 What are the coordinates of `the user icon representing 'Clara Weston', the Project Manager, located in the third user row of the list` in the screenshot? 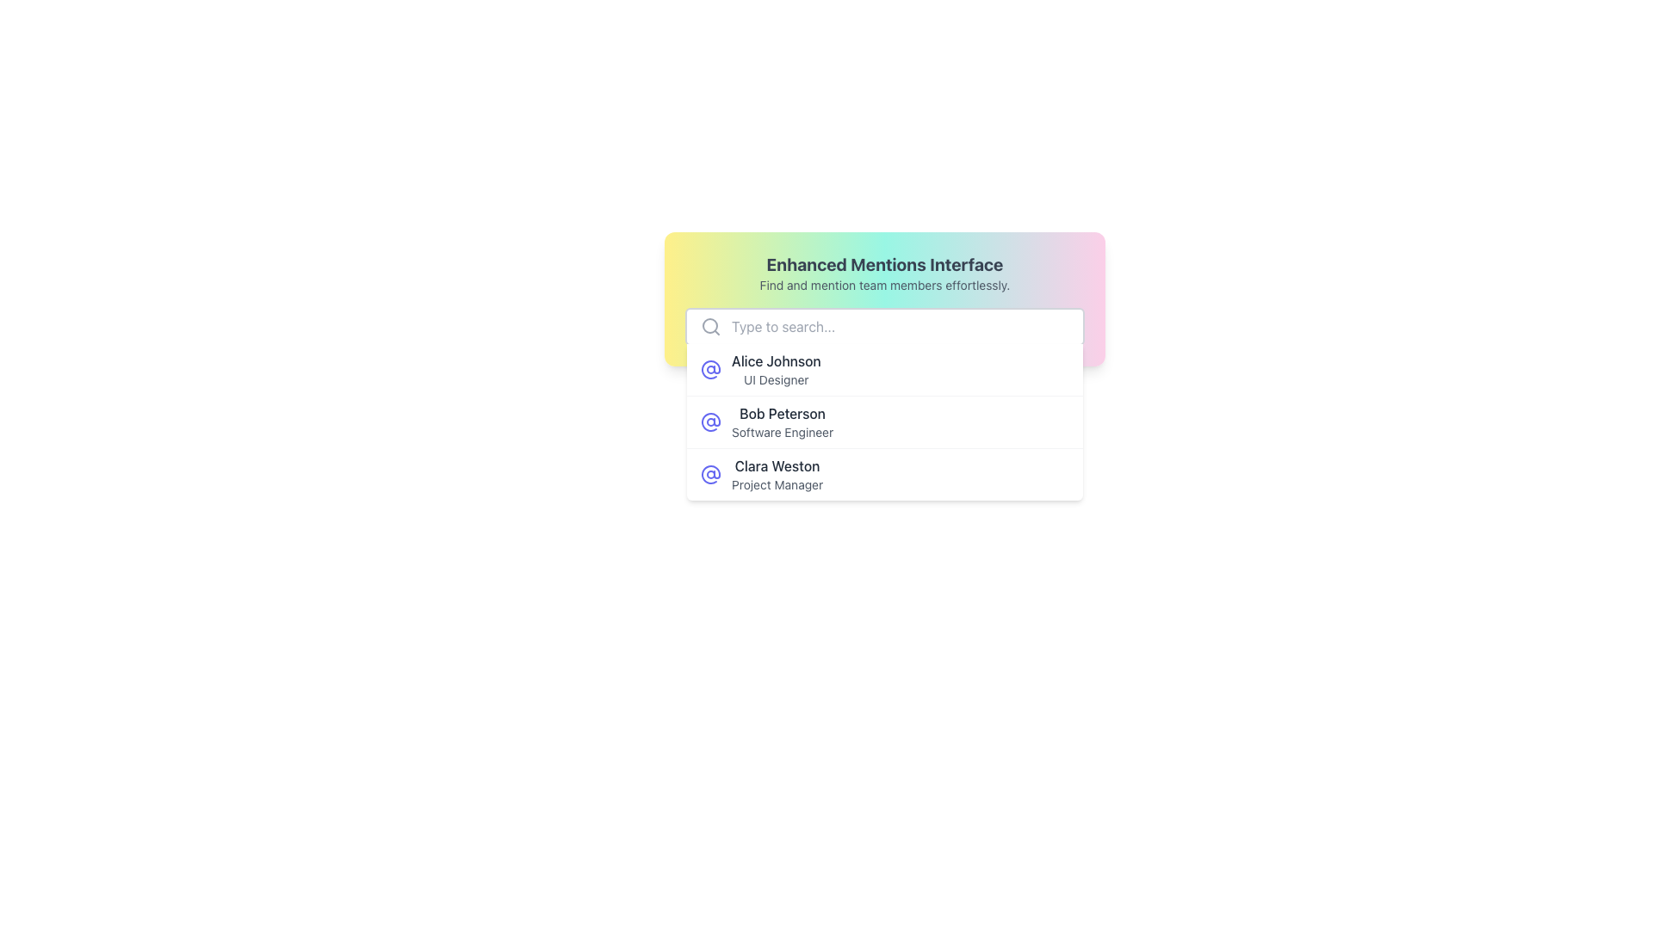 It's located at (710, 474).